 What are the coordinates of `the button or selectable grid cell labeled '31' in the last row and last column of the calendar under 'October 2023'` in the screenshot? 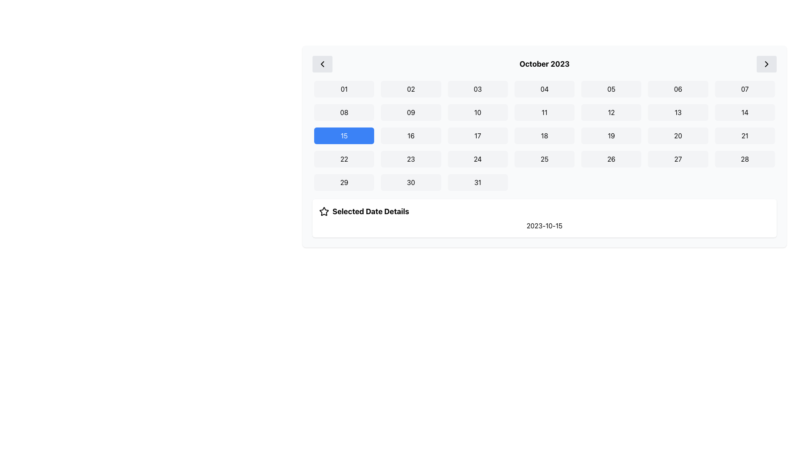 It's located at (477, 182).